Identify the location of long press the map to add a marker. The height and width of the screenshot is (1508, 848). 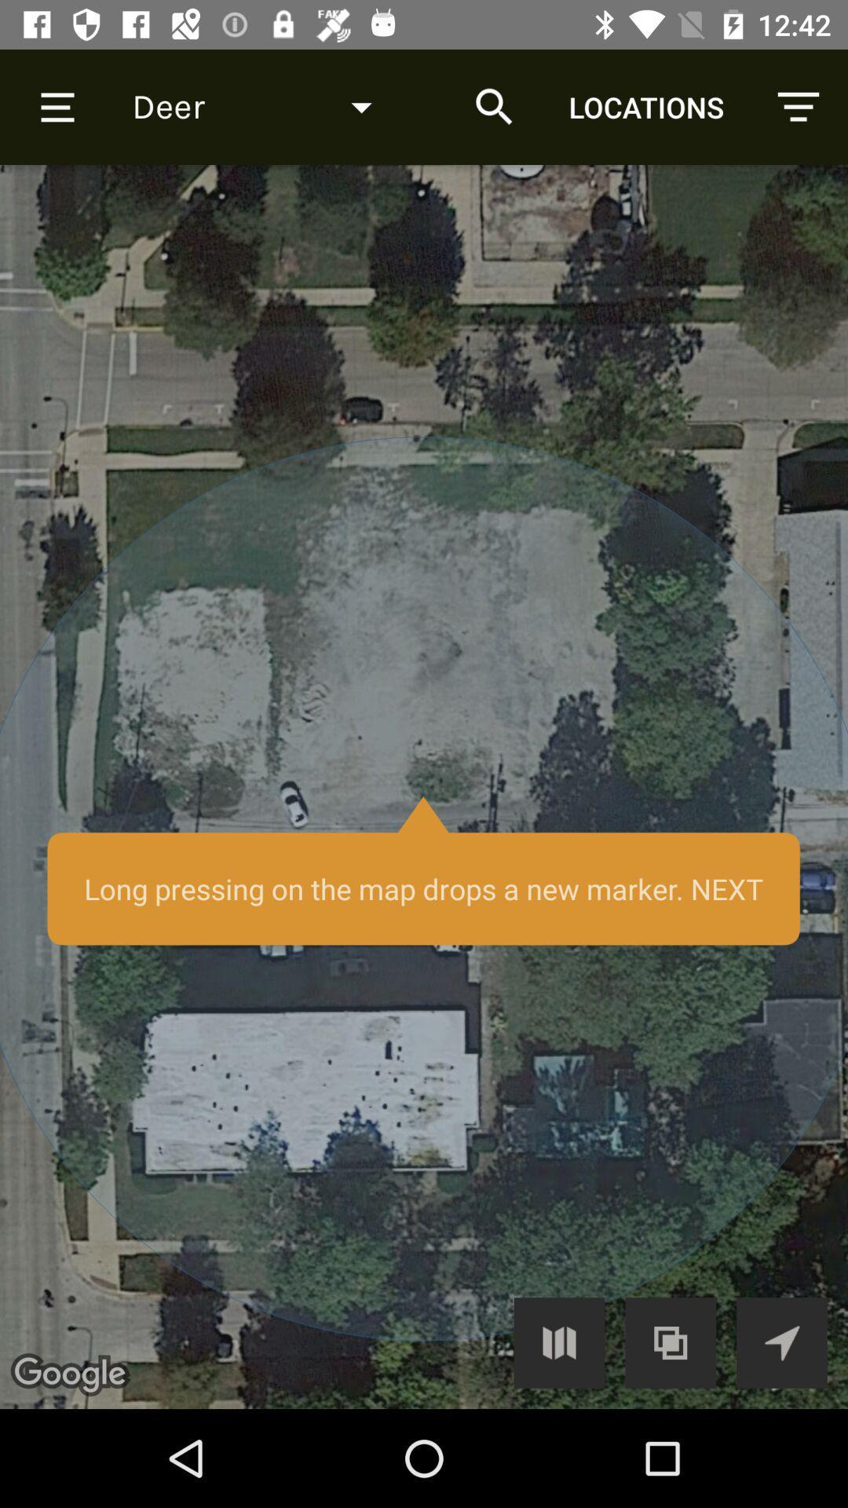
(424, 787).